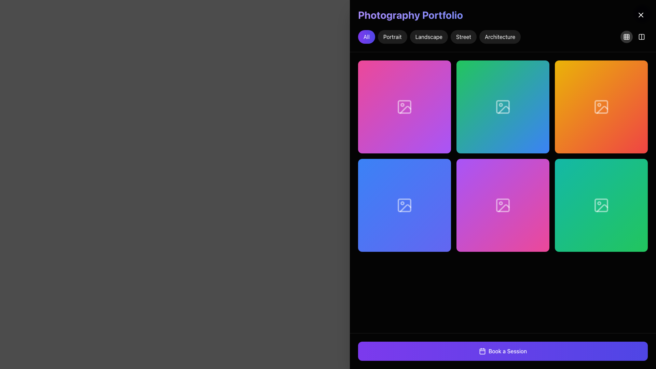 Image resolution: width=656 pixels, height=369 pixels. What do you see at coordinates (641, 15) in the screenshot?
I see `the close icon button, a small diagonal cross in the top-right corner of the interface` at bounding box center [641, 15].